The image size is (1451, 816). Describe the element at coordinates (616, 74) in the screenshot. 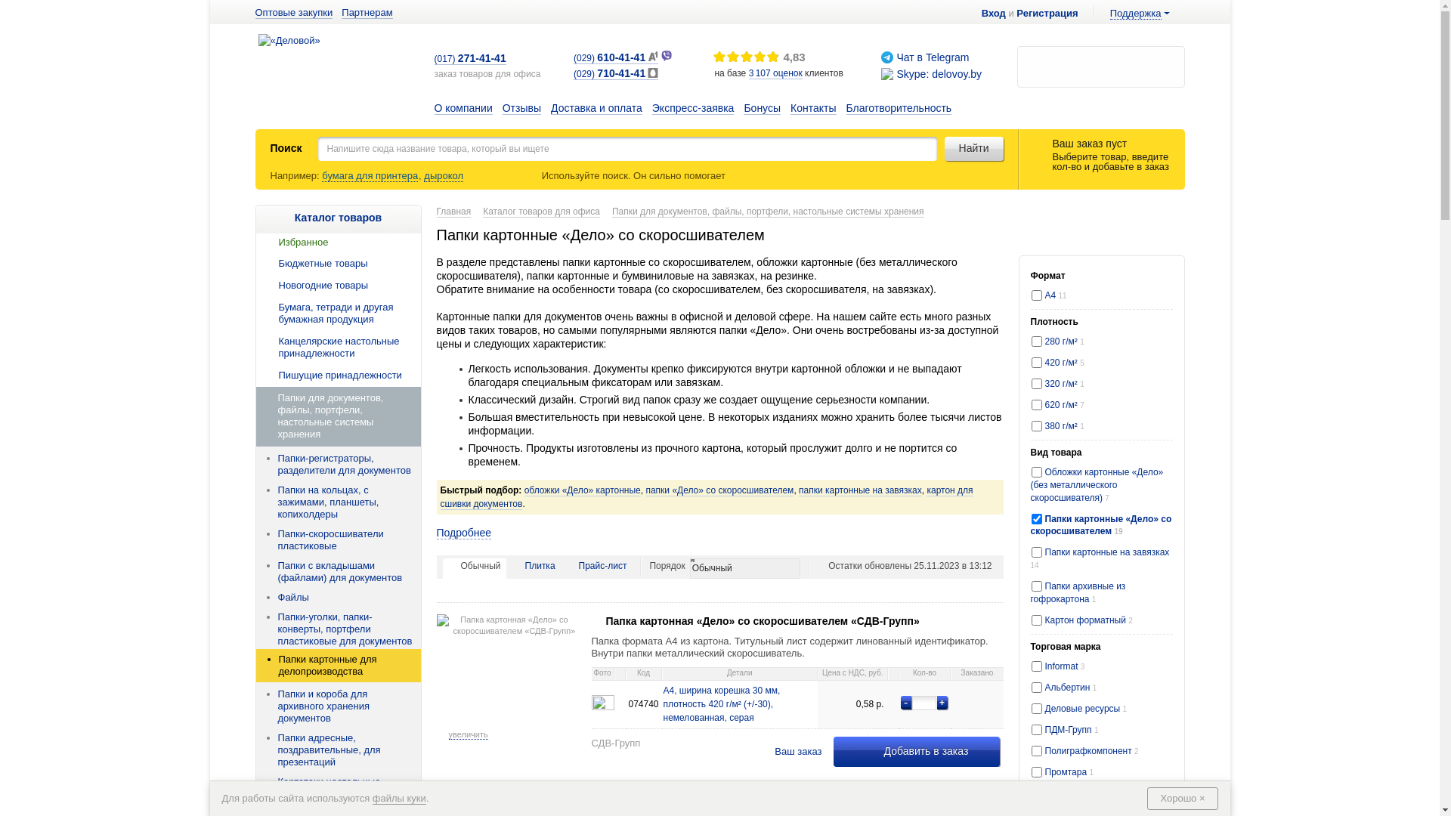

I see `'(029) 710-41-41'` at that location.